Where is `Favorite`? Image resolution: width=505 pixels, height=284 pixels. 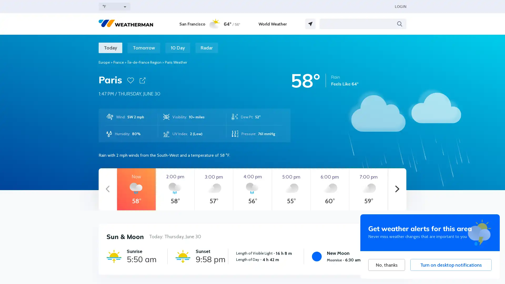
Favorite is located at coordinates (130, 80).